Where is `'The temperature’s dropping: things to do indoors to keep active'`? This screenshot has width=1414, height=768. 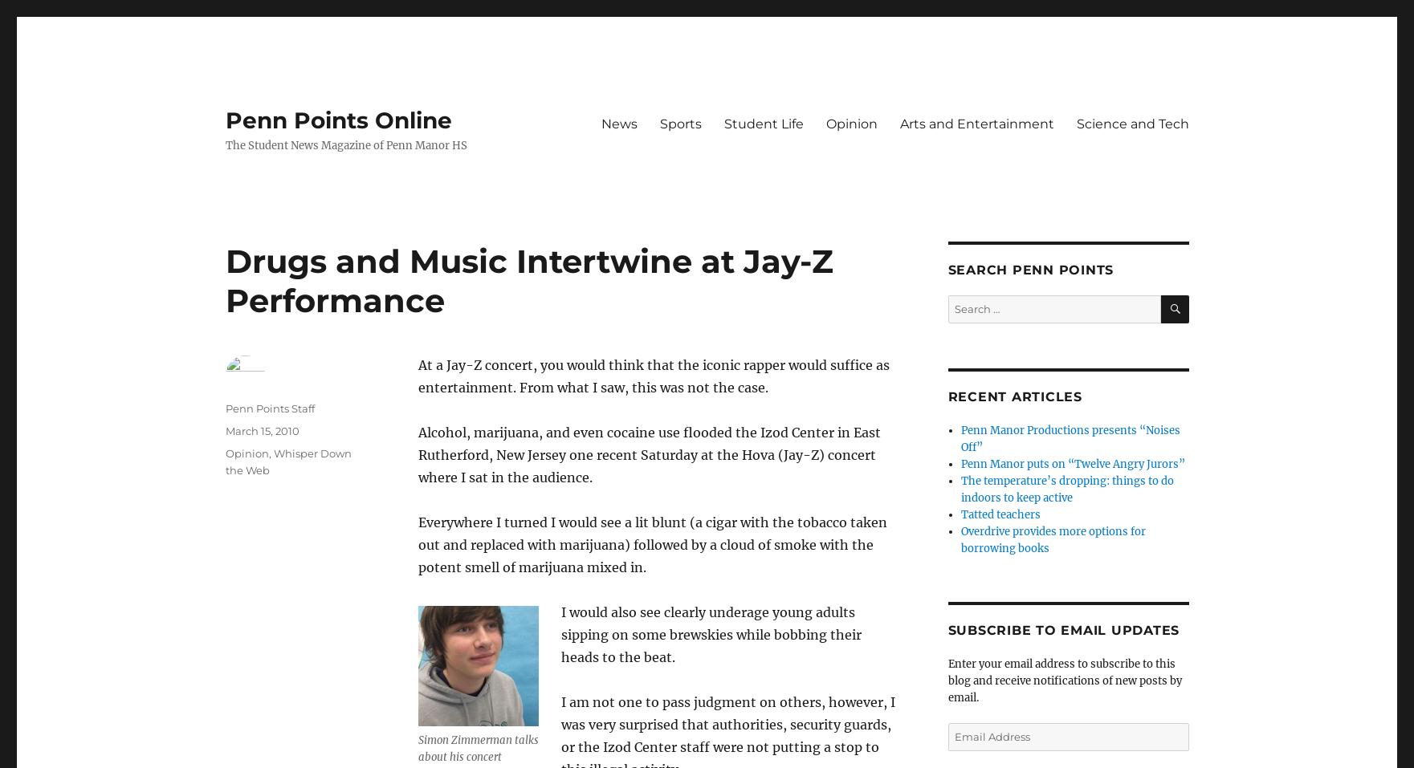
'The temperature’s dropping: things to do indoors to keep active' is located at coordinates (1066, 488).